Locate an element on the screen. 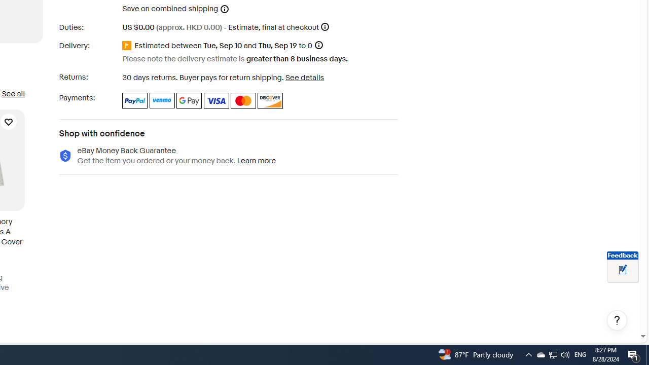  'See all' is located at coordinates (13, 94).